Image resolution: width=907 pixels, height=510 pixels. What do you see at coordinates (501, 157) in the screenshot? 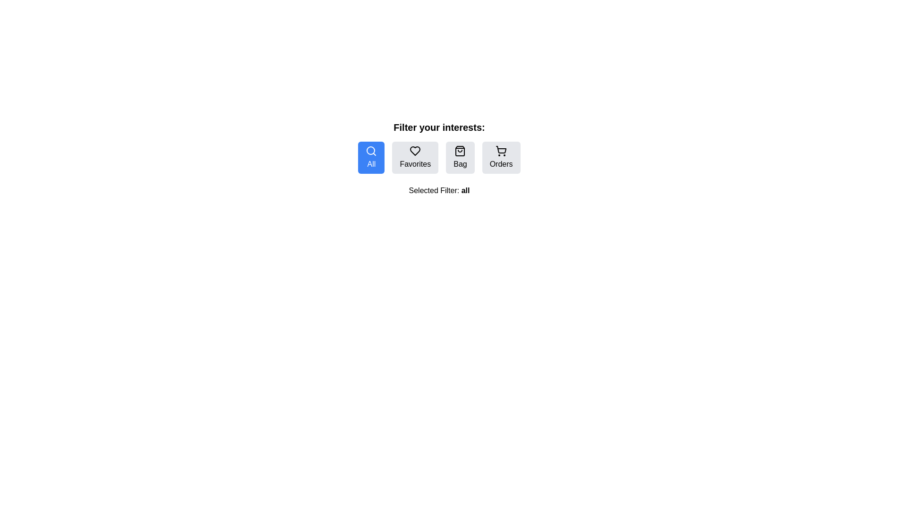
I see `the Orders filter button to change the active filter` at bounding box center [501, 157].